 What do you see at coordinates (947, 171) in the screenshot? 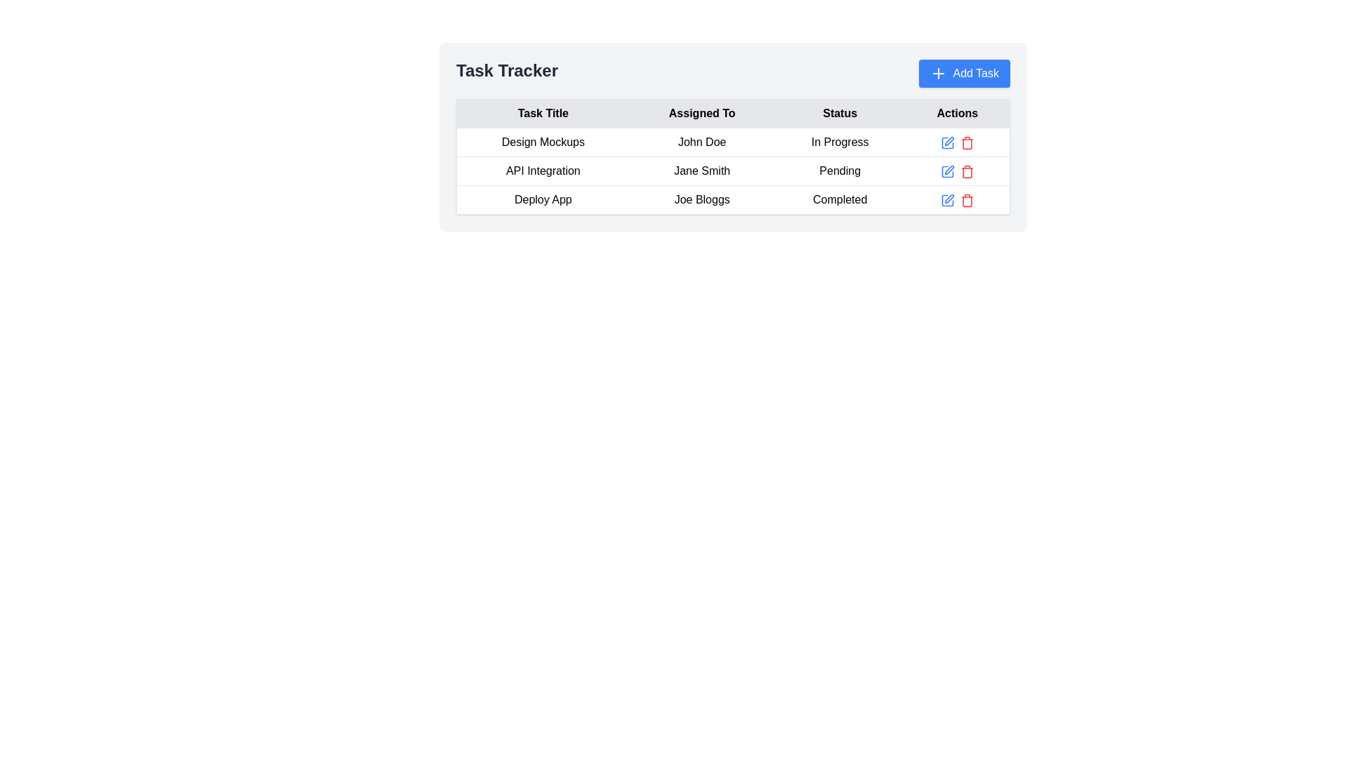
I see `the edit button located in the 'Actions' column of the second row for the task entry titled 'API Integration' to initiate editing of the associated task` at bounding box center [947, 171].